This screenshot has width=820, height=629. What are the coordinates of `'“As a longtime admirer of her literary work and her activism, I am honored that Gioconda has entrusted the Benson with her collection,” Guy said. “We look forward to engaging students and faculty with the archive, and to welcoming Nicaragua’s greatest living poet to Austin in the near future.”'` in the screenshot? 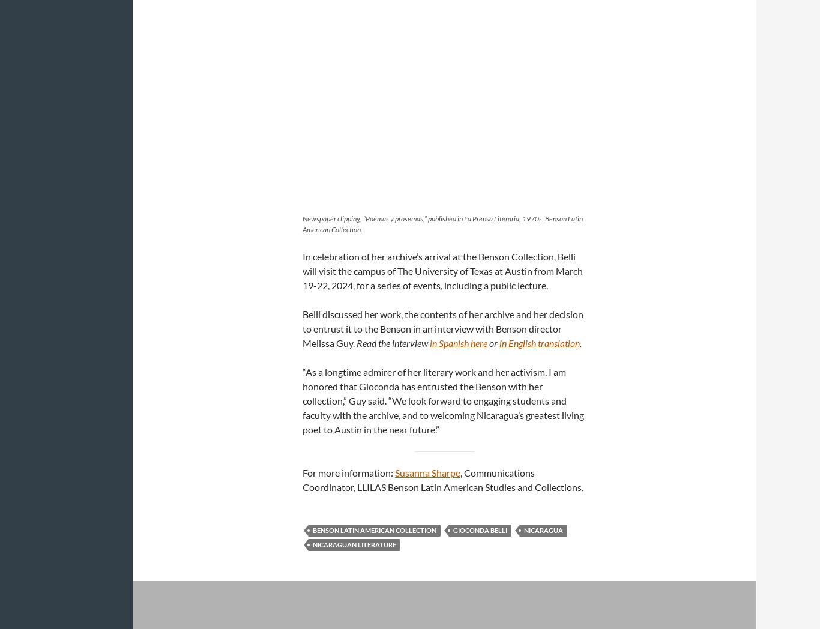 It's located at (443, 400).